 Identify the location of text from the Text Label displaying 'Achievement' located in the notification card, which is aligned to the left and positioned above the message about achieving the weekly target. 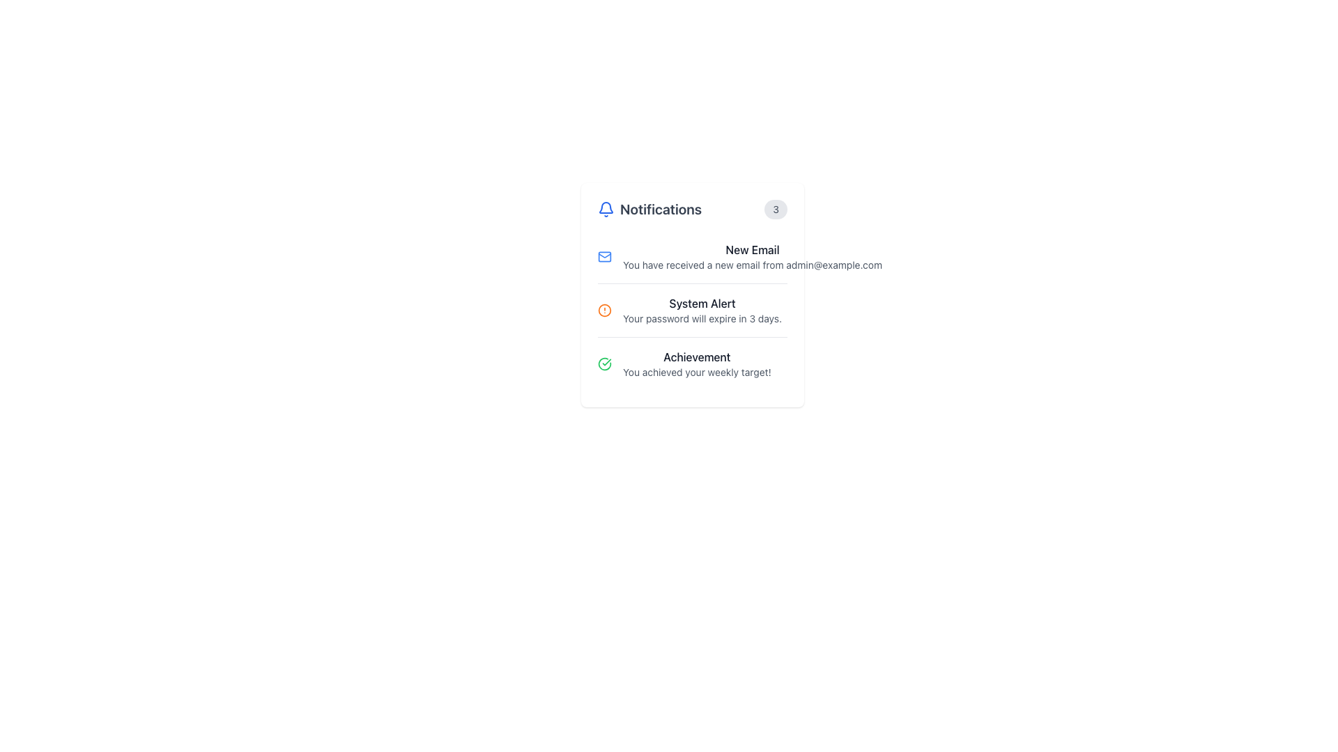
(697, 357).